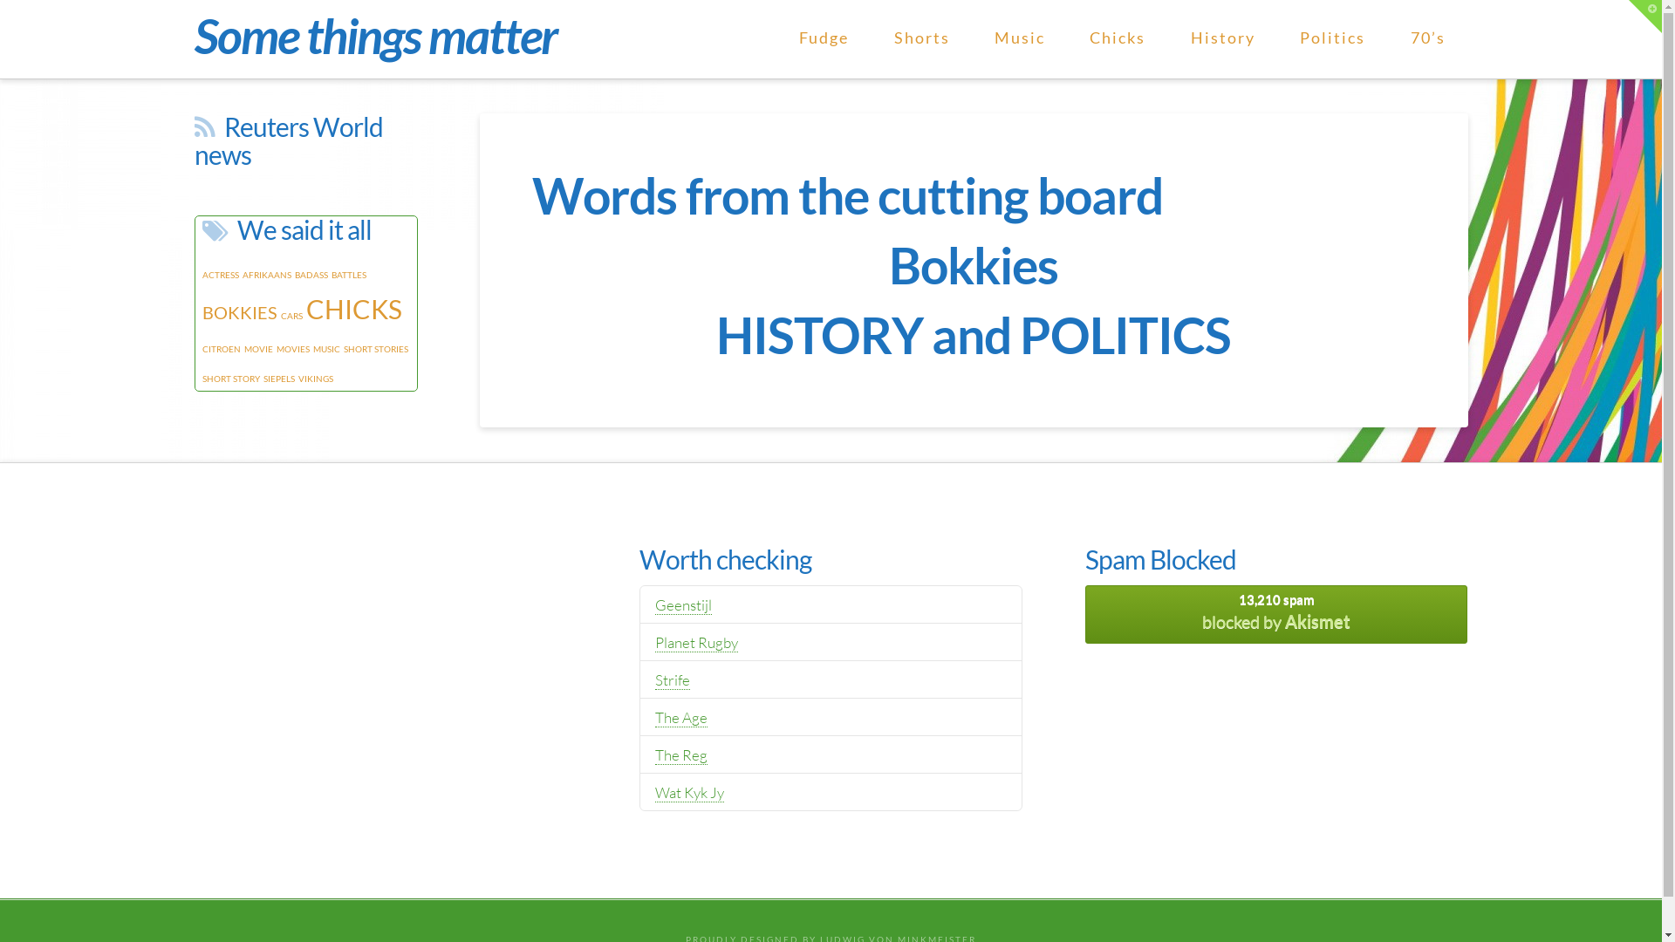  Describe the element at coordinates (682, 604) in the screenshot. I see `'Geenstijl'` at that location.